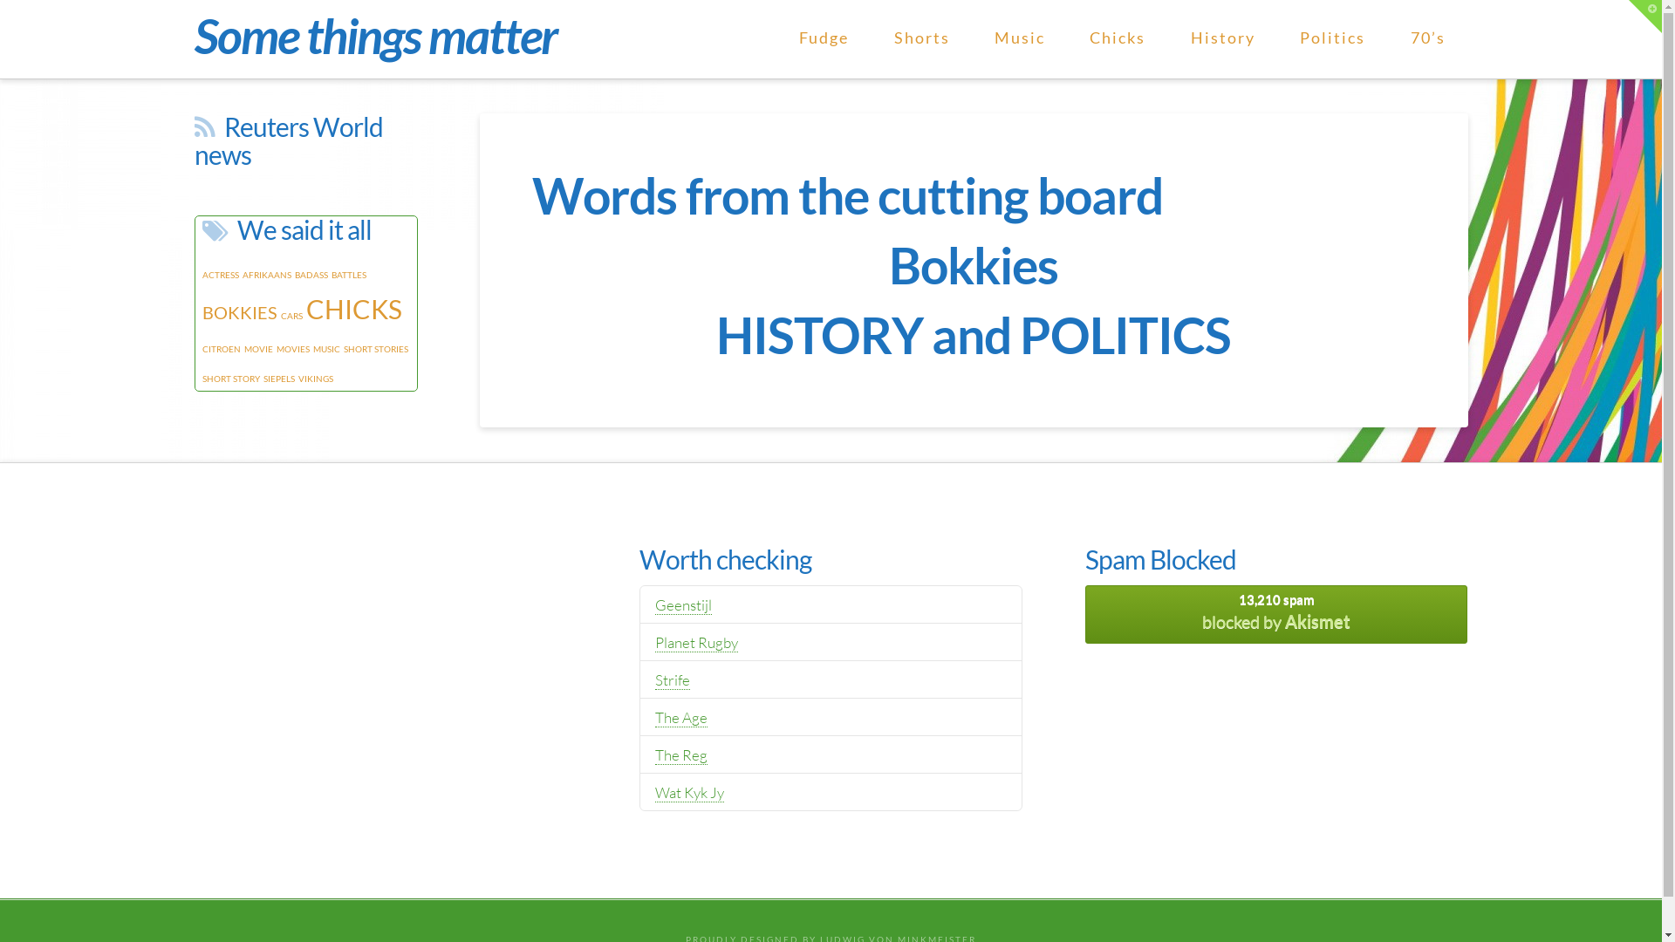  Describe the element at coordinates (682, 604) in the screenshot. I see `'Geenstijl'` at that location.